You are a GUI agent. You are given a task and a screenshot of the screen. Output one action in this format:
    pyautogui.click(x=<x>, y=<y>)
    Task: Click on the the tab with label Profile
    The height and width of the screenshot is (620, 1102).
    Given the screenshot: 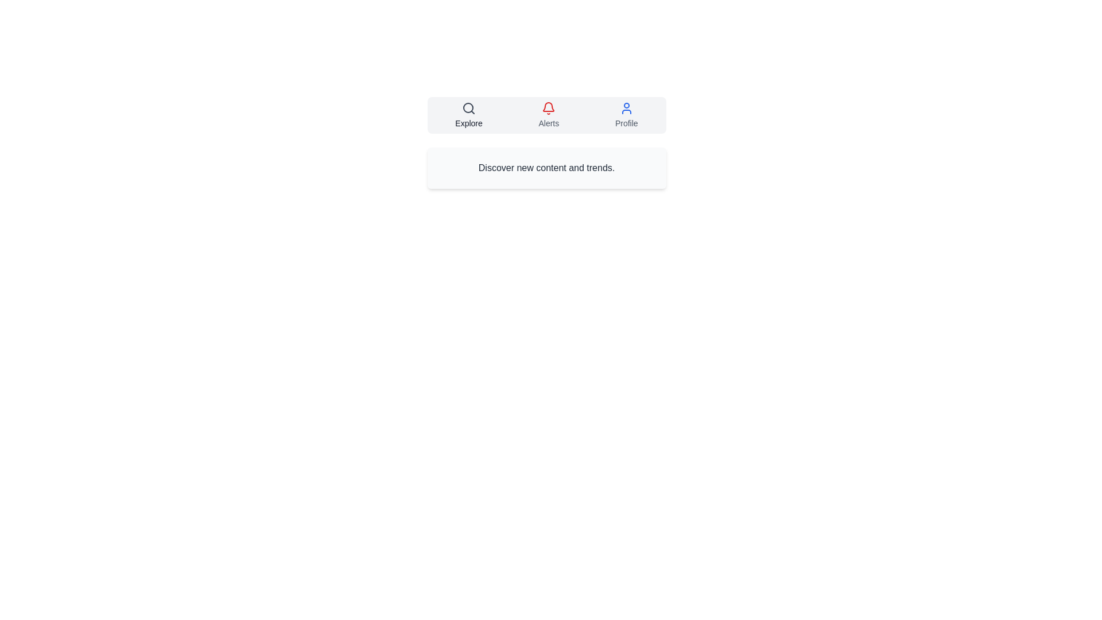 What is the action you would take?
    pyautogui.click(x=626, y=115)
    